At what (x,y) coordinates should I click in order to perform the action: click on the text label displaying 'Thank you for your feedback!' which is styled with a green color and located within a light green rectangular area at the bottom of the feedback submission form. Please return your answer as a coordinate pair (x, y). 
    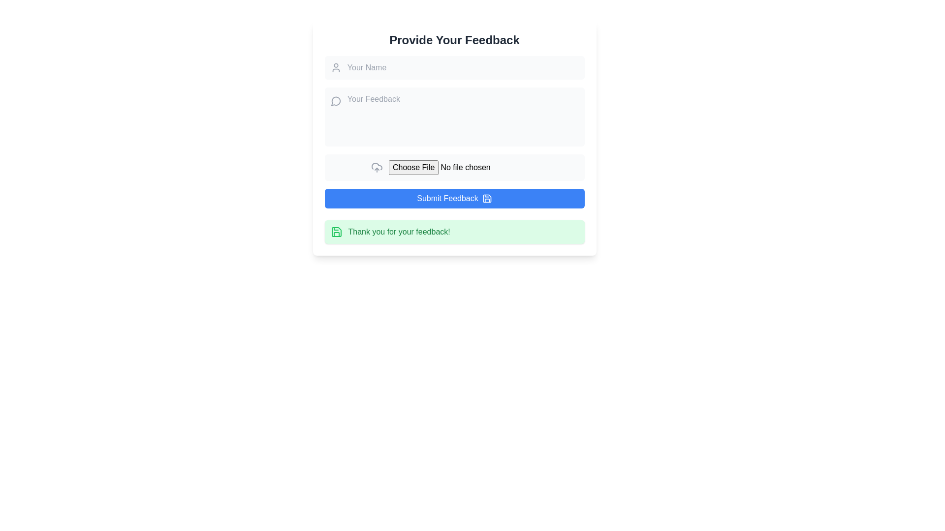
    Looking at the image, I should click on (399, 232).